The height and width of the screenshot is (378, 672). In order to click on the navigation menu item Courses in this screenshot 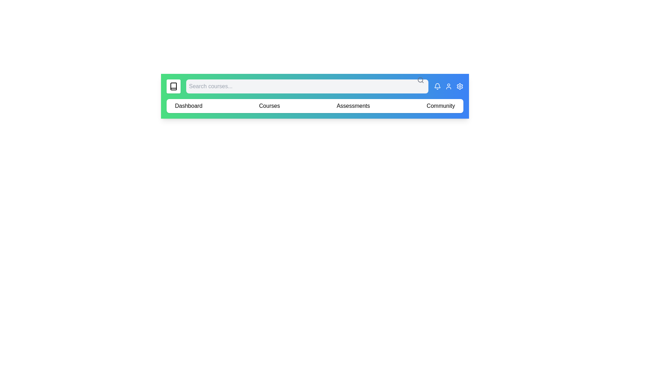, I will do `click(269, 106)`.